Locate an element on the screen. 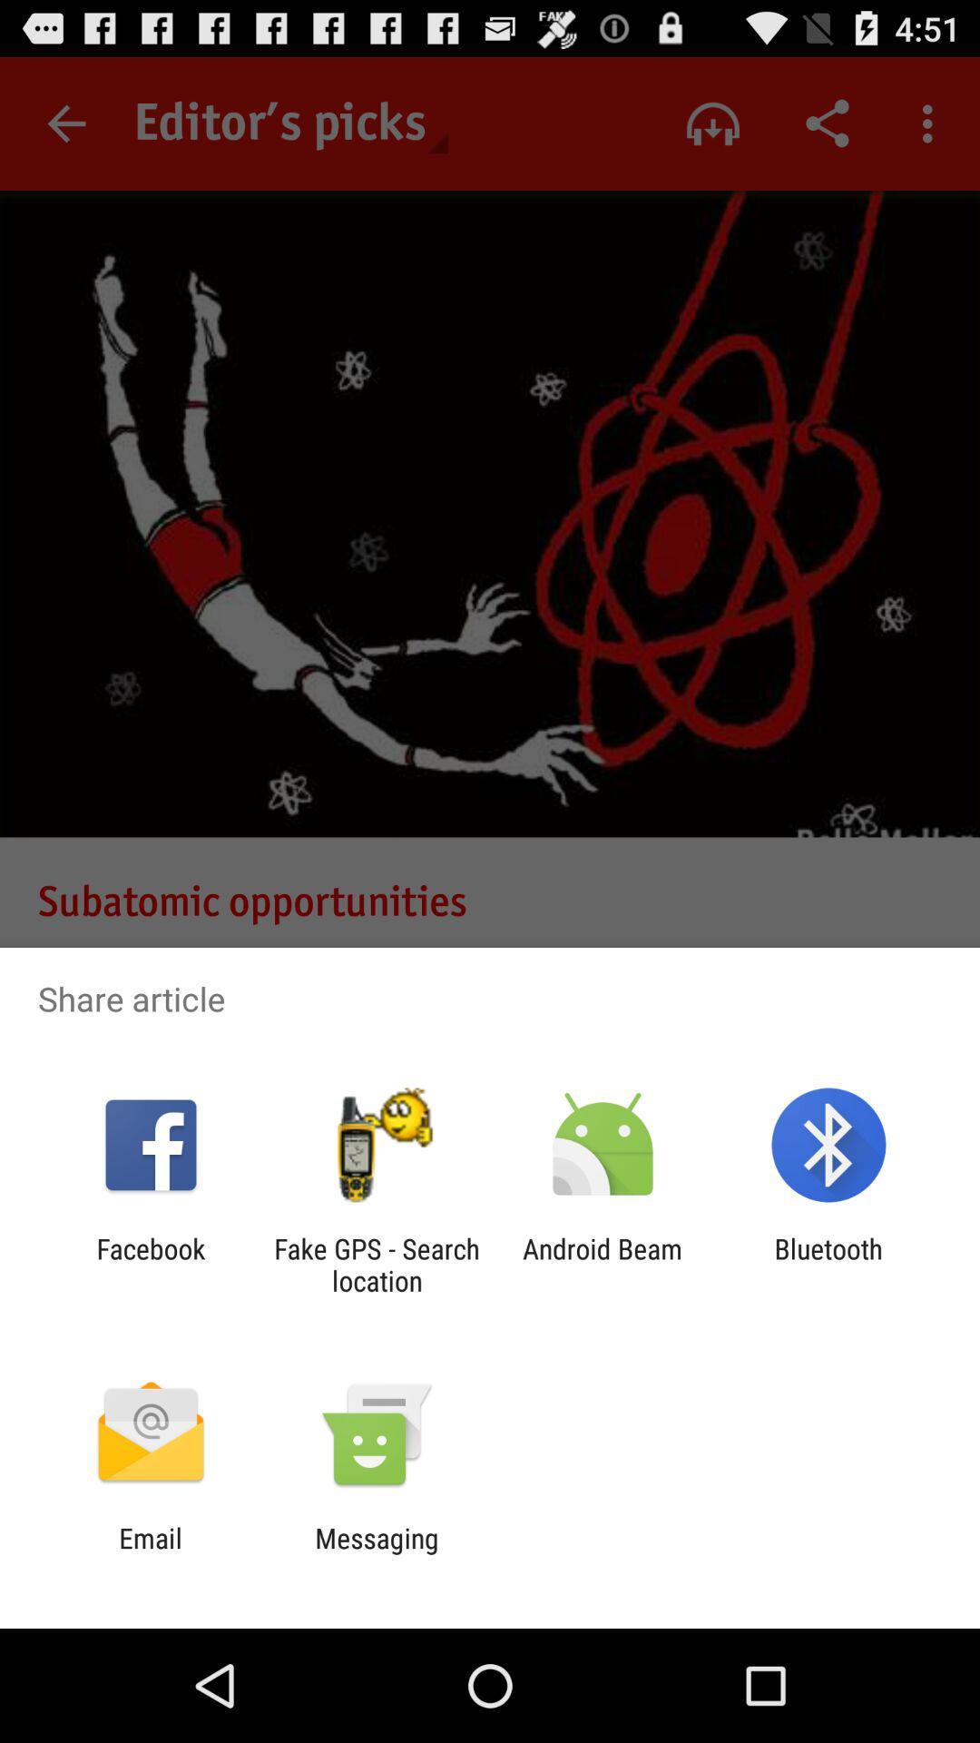 The width and height of the screenshot is (980, 1743). the app to the right of email app is located at coordinates (376, 1553).